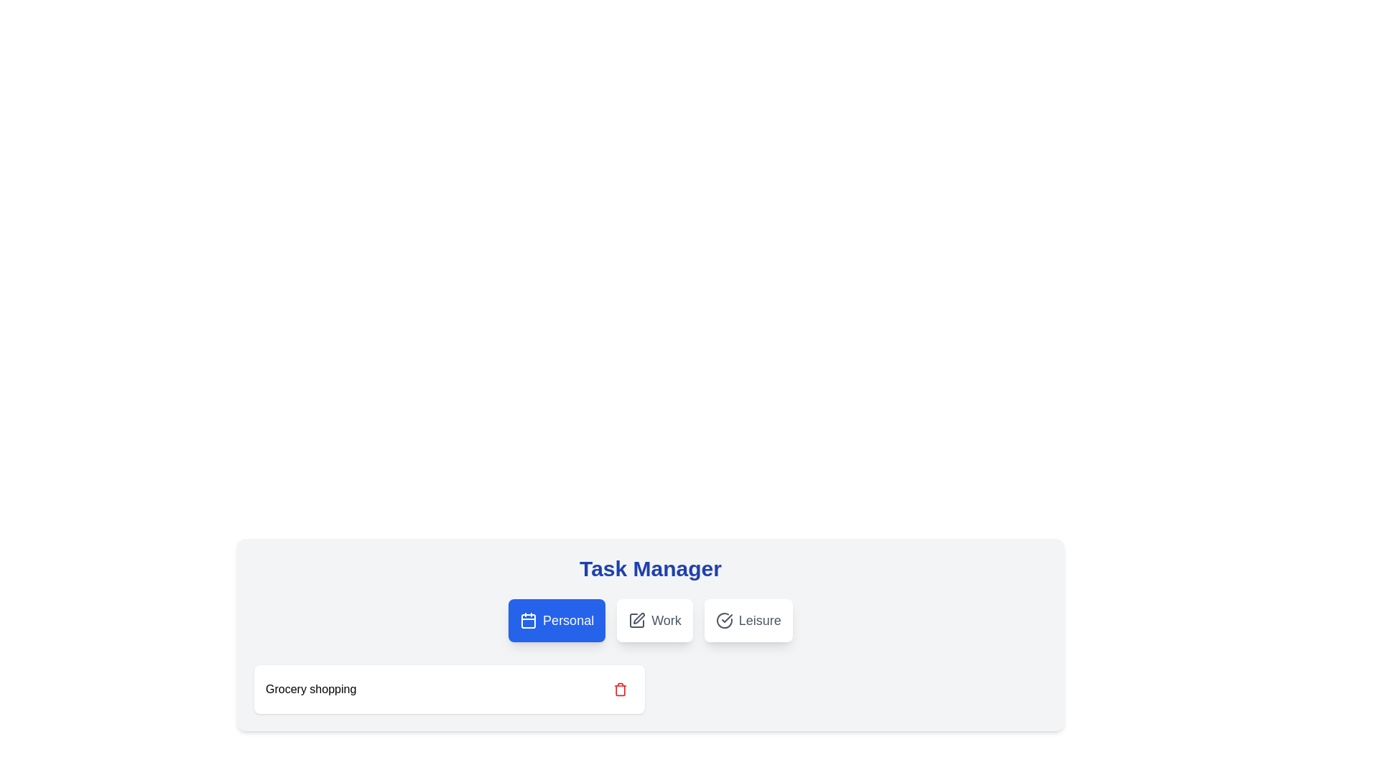 The image size is (1379, 775). Describe the element at coordinates (759, 619) in the screenshot. I see `the text label displaying the word 'Leisure' located inside the rightmost button of a horizontal layout of three buttons labeled 'Personal', 'Work', and 'Leisure'` at that location.